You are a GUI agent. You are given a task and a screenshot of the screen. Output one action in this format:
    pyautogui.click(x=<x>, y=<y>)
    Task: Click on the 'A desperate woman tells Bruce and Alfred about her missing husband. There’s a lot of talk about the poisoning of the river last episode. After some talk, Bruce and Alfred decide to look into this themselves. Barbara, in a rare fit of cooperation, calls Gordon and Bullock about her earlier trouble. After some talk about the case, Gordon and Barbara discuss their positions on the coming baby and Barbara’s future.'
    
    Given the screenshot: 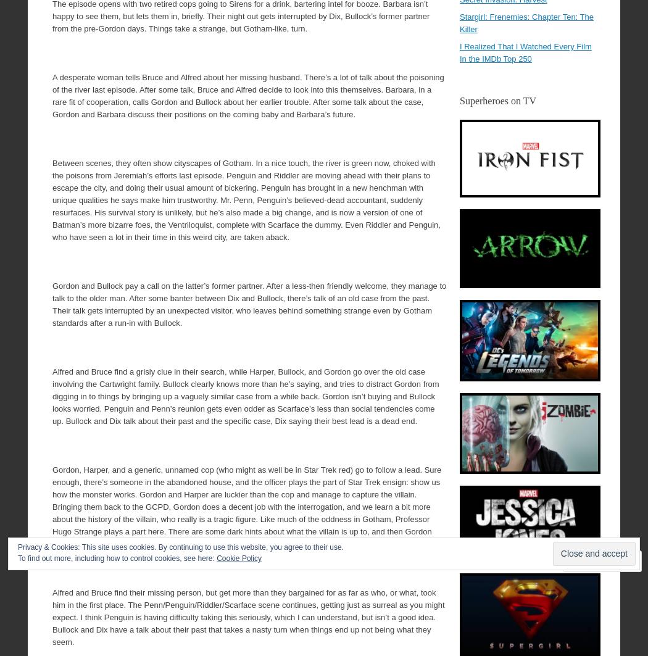 What is the action you would take?
    pyautogui.click(x=248, y=96)
    